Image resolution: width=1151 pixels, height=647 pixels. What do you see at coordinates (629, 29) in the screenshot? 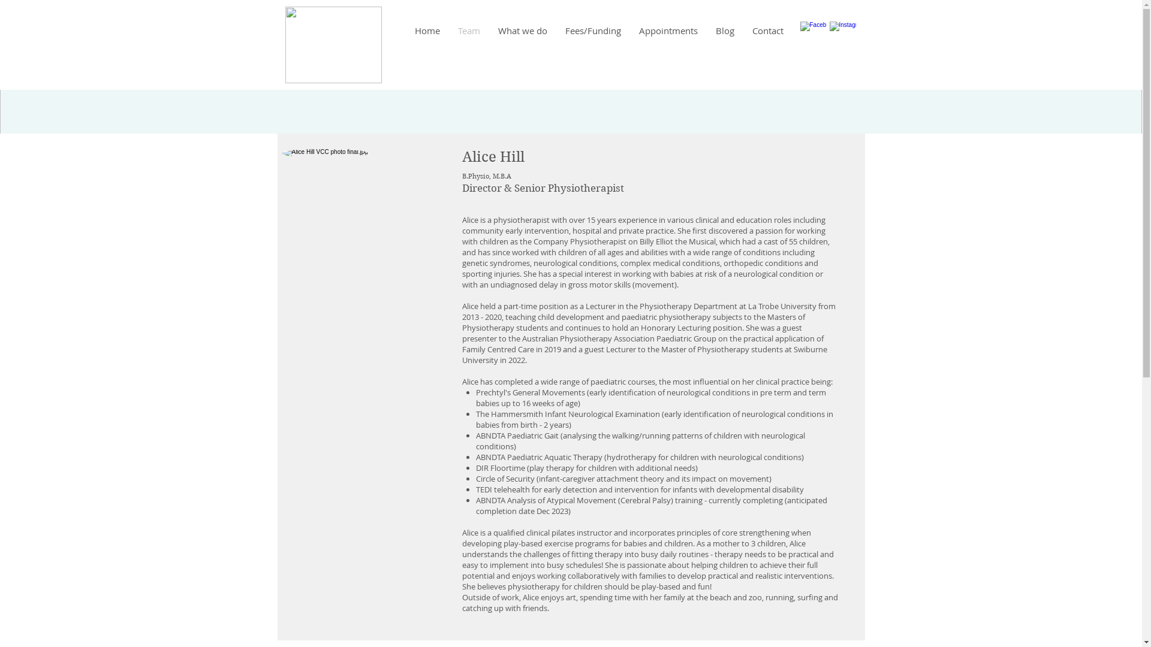
I see `'Appointments'` at bounding box center [629, 29].